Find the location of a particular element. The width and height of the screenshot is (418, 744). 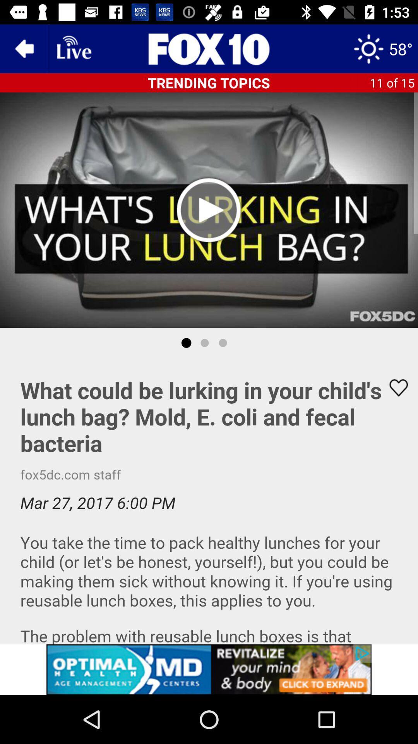

advertisement is located at coordinates (209, 501).